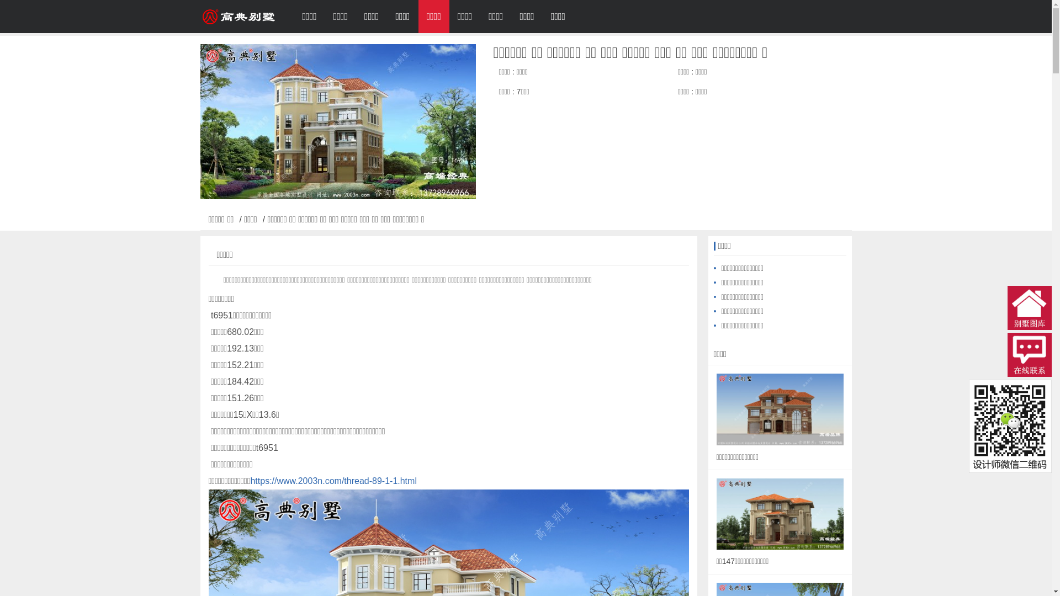 The width and height of the screenshot is (1060, 596). Describe the element at coordinates (332, 480) in the screenshot. I see `'https://www.2003n.com/thread-89-1-1.html'` at that location.